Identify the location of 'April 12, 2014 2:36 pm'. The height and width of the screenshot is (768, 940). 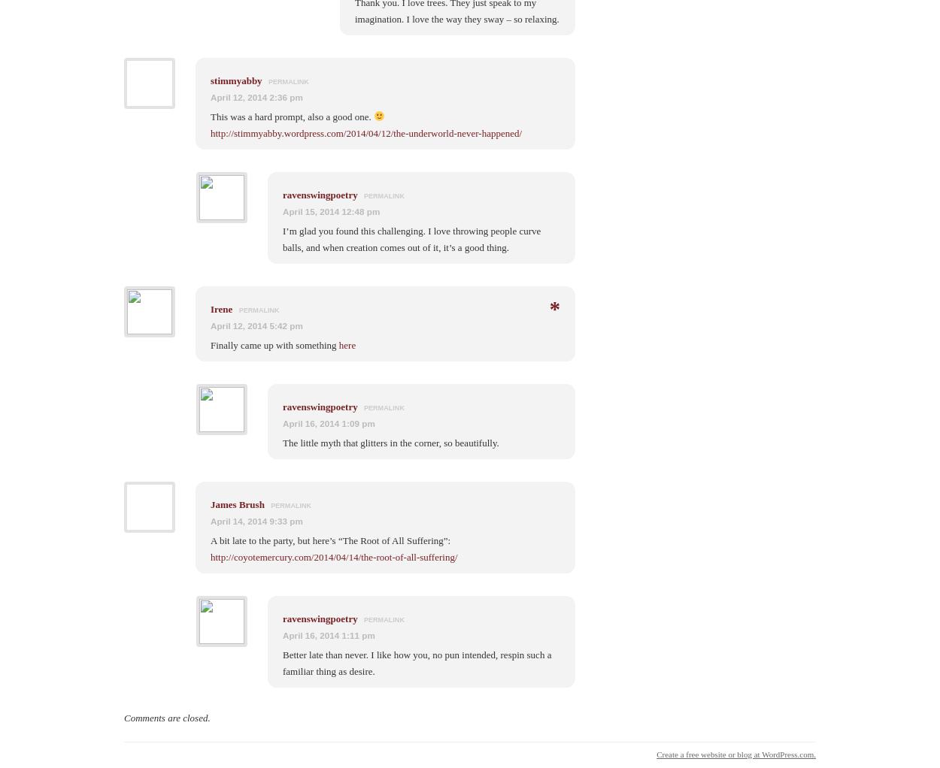
(211, 96).